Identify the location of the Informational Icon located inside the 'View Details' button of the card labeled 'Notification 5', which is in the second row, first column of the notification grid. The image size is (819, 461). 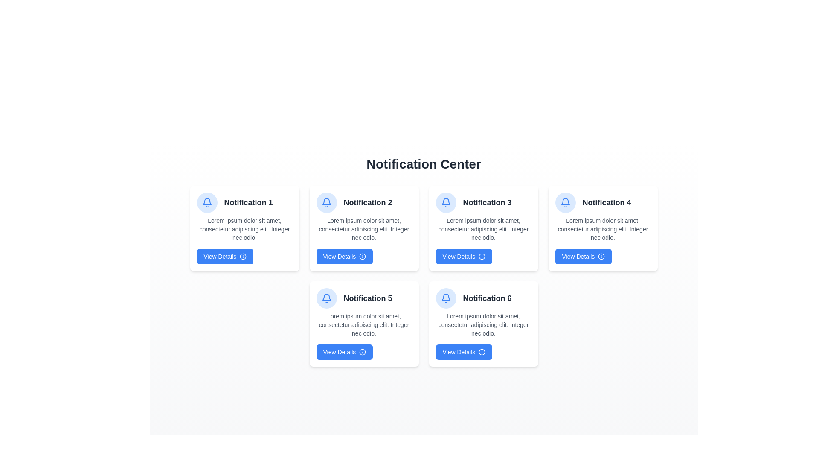
(363, 352).